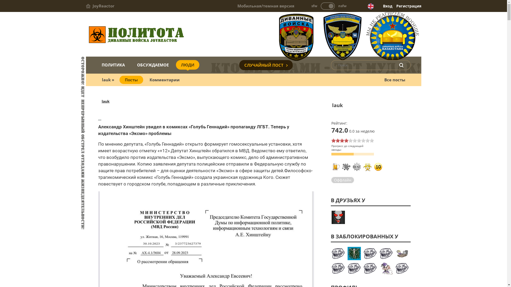  What do you see at coordinates (331, 268) in the screenshot?
I see `'BitchesAndWhores'` at bounding box center [331, 268].